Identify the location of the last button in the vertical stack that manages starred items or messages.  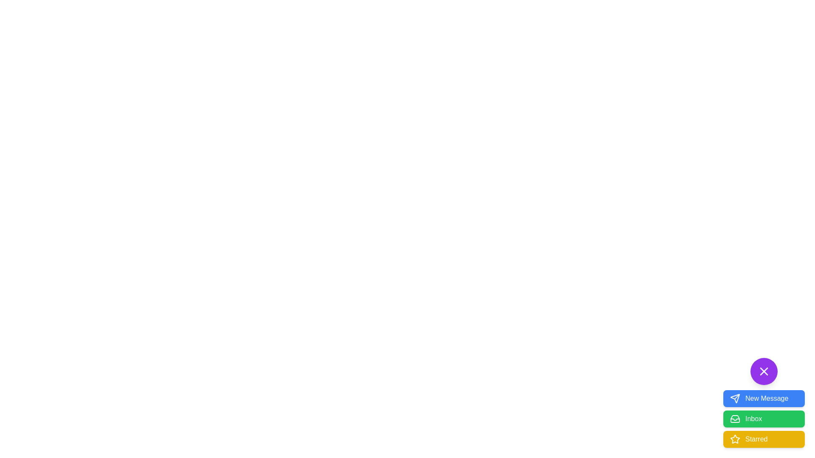
(764, 439).